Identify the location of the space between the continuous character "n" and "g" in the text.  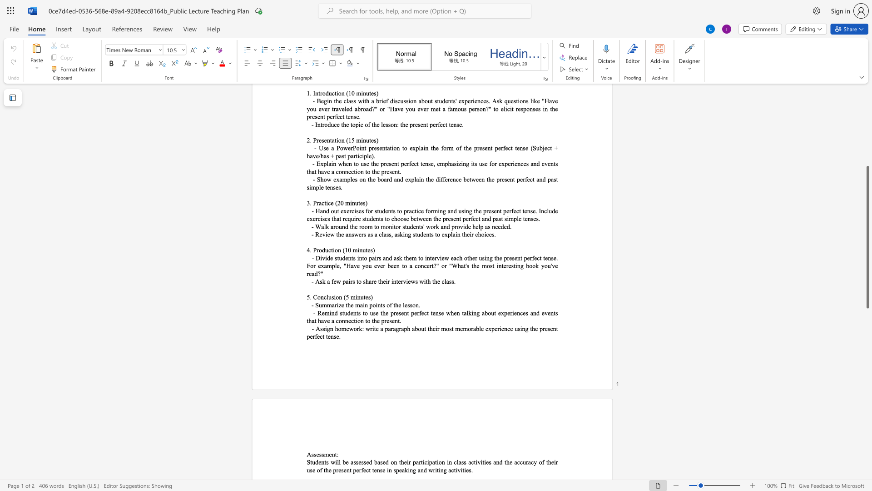
(525, 329).